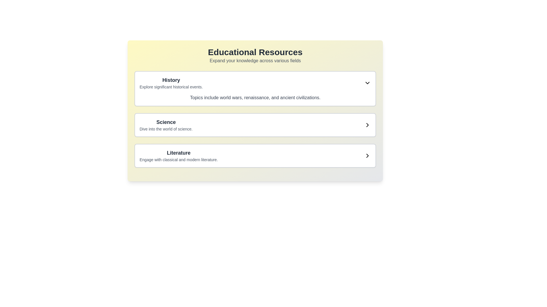 This screenshot has width=547, height=307. I want to click on the static text displaying 'Topics include world wars, renaissance, and ancient civilizations' located below the 'History' section title, so click(255, 97).